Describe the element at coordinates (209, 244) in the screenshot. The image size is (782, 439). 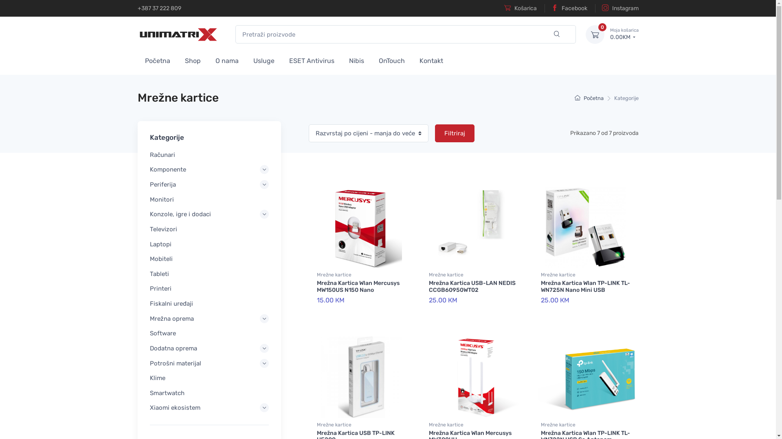
I see `'Laptopi'` at that location.